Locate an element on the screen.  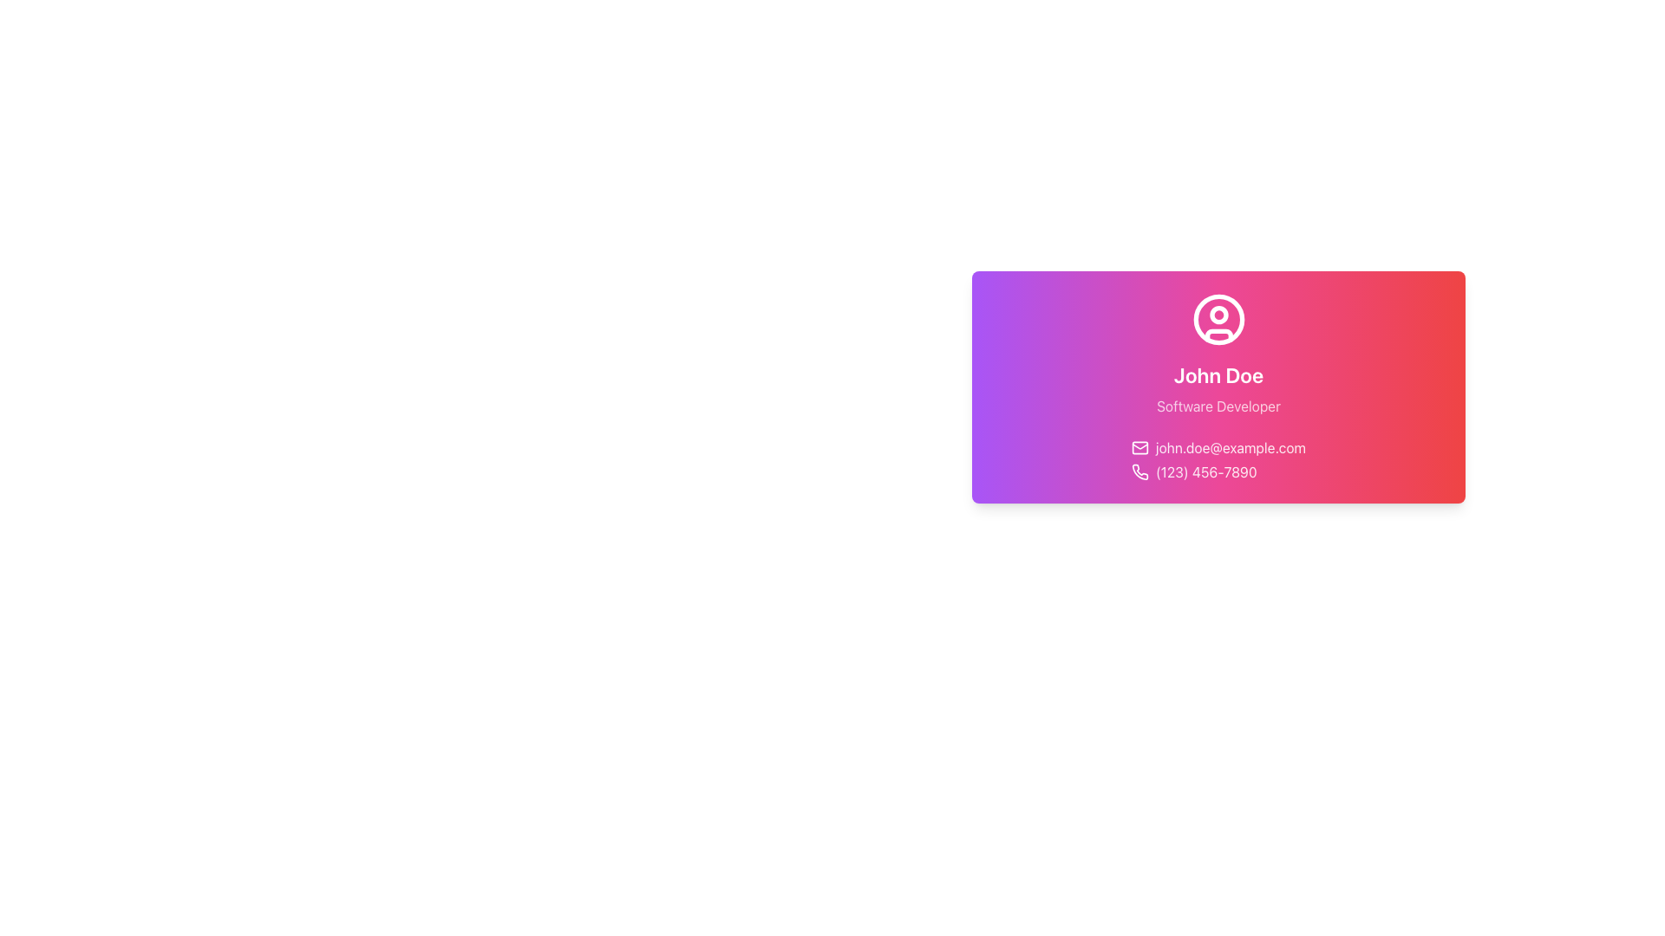
the email icon displayed to the left of 'john.doe@example.com', which serves as a visual marker for the email address is located at coordinates (1140, 446).